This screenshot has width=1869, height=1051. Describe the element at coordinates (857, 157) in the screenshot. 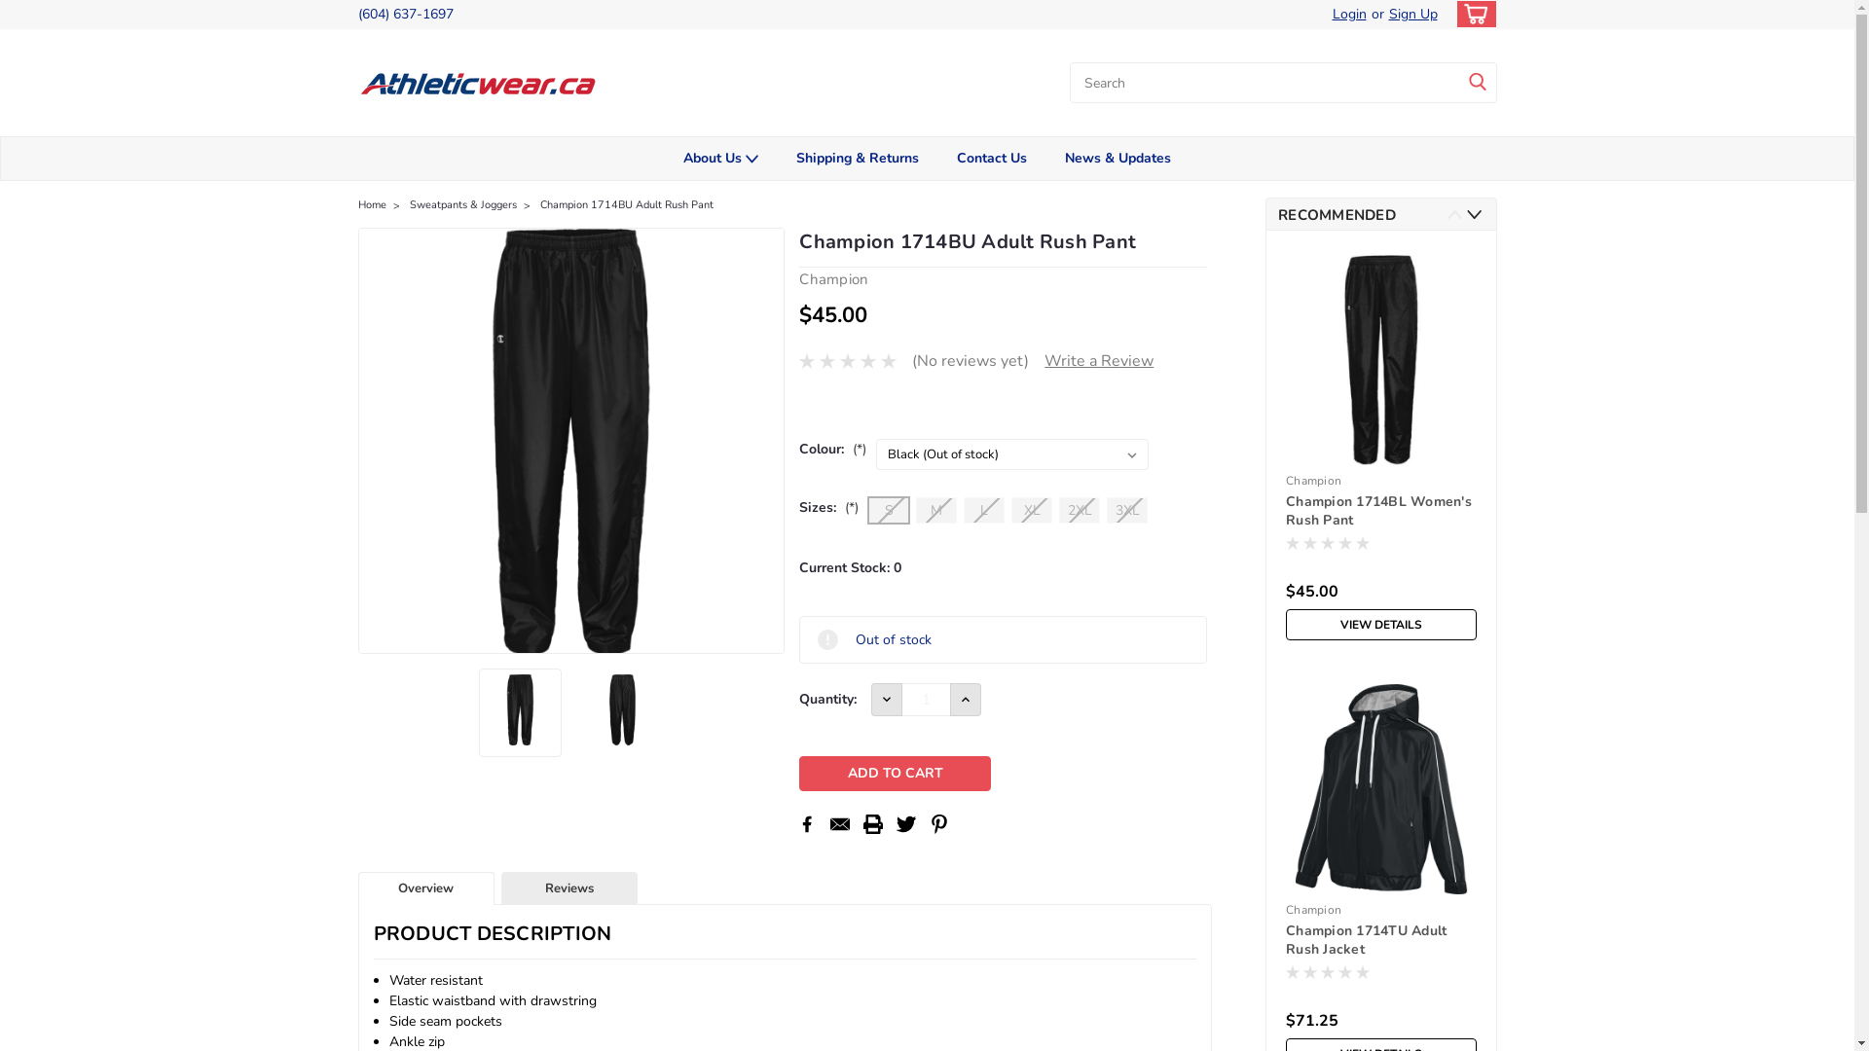

I see `'Shipping & Returns'` at that location.